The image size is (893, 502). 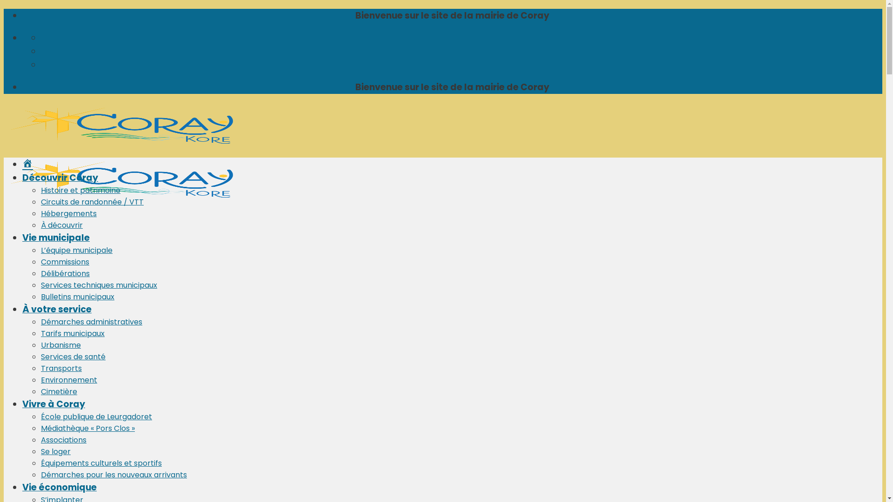 I want to click on 'Histoire et patrimoine', so click(x=40, y=190).